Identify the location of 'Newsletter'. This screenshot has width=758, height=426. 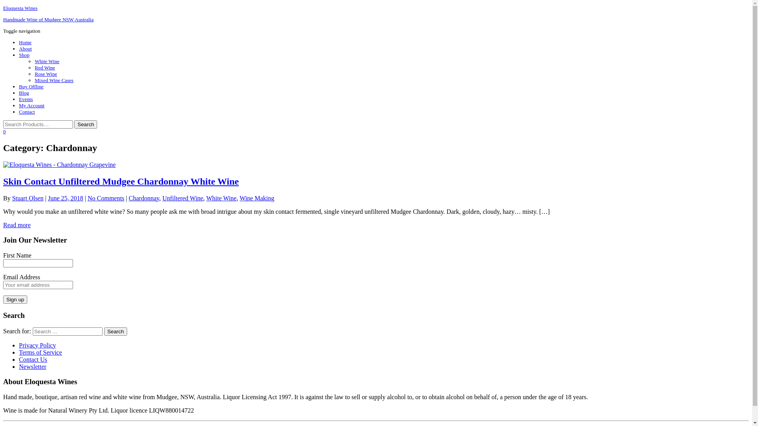
(19, 366).